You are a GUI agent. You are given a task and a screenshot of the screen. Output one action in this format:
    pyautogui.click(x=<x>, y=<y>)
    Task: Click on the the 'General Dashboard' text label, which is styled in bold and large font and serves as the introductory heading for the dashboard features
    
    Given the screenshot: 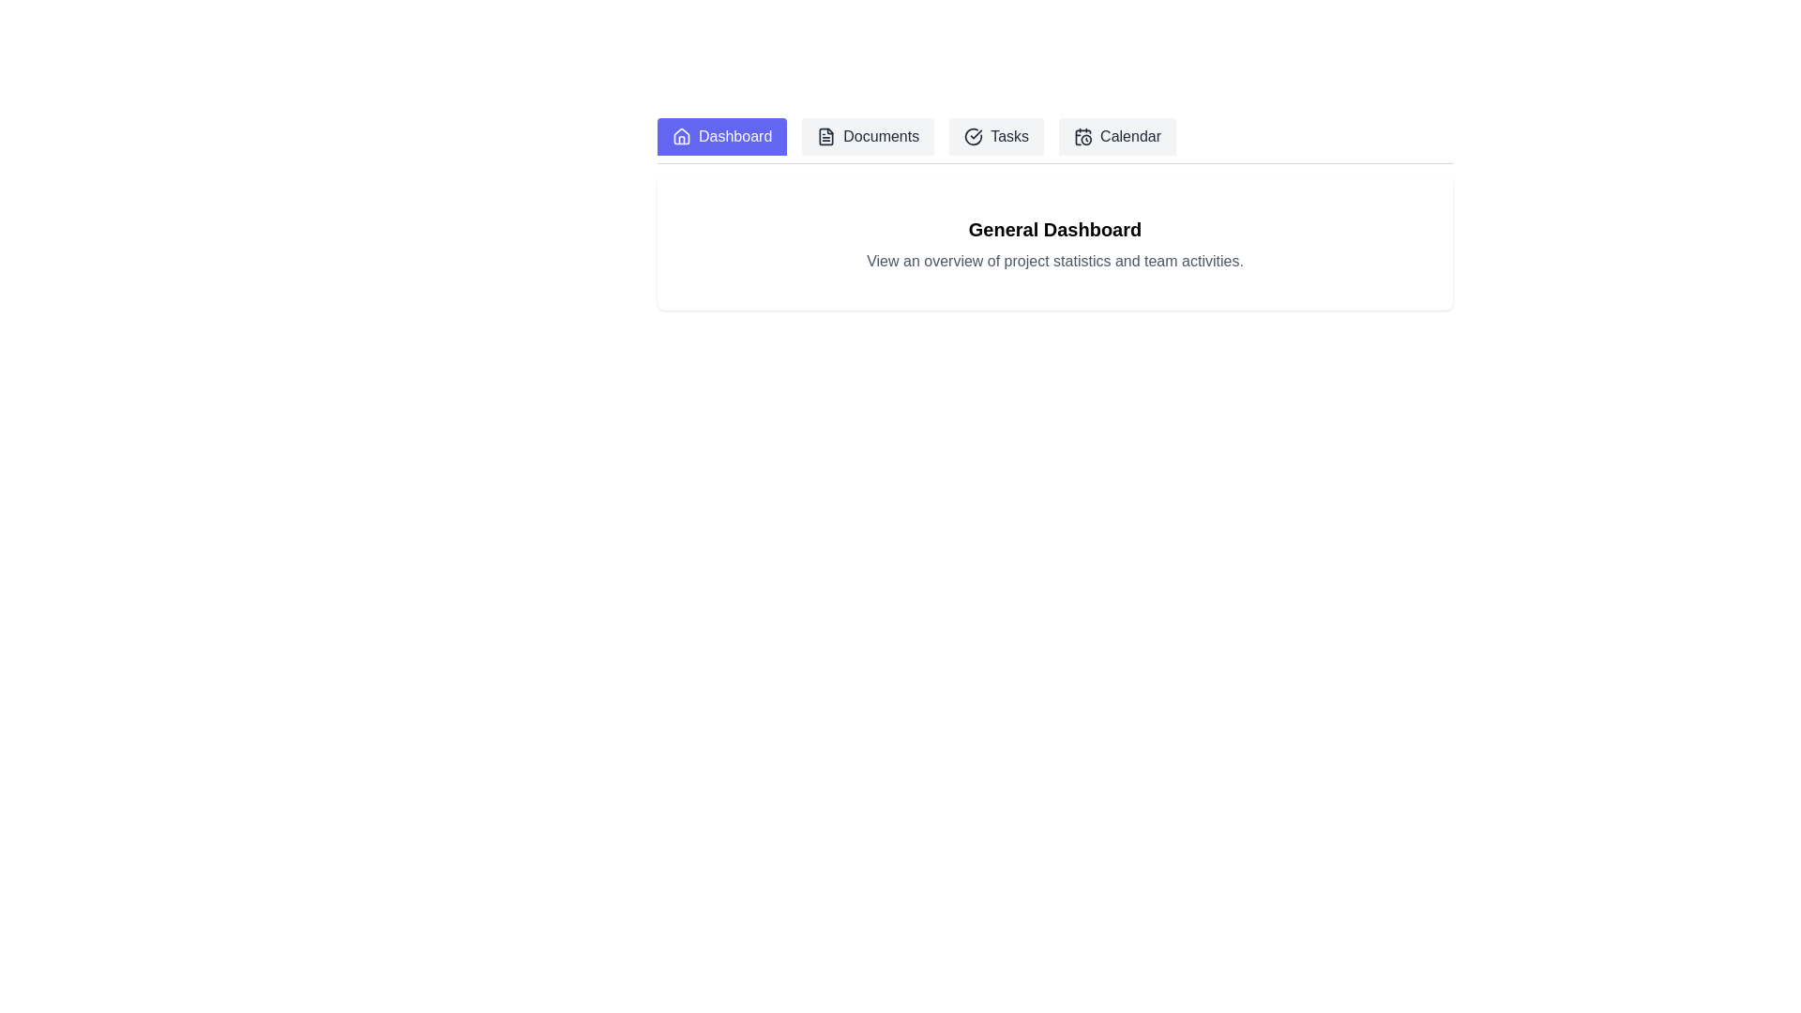 What is the action you would take?
    pyautogui.click(x=1054, y=229)
    